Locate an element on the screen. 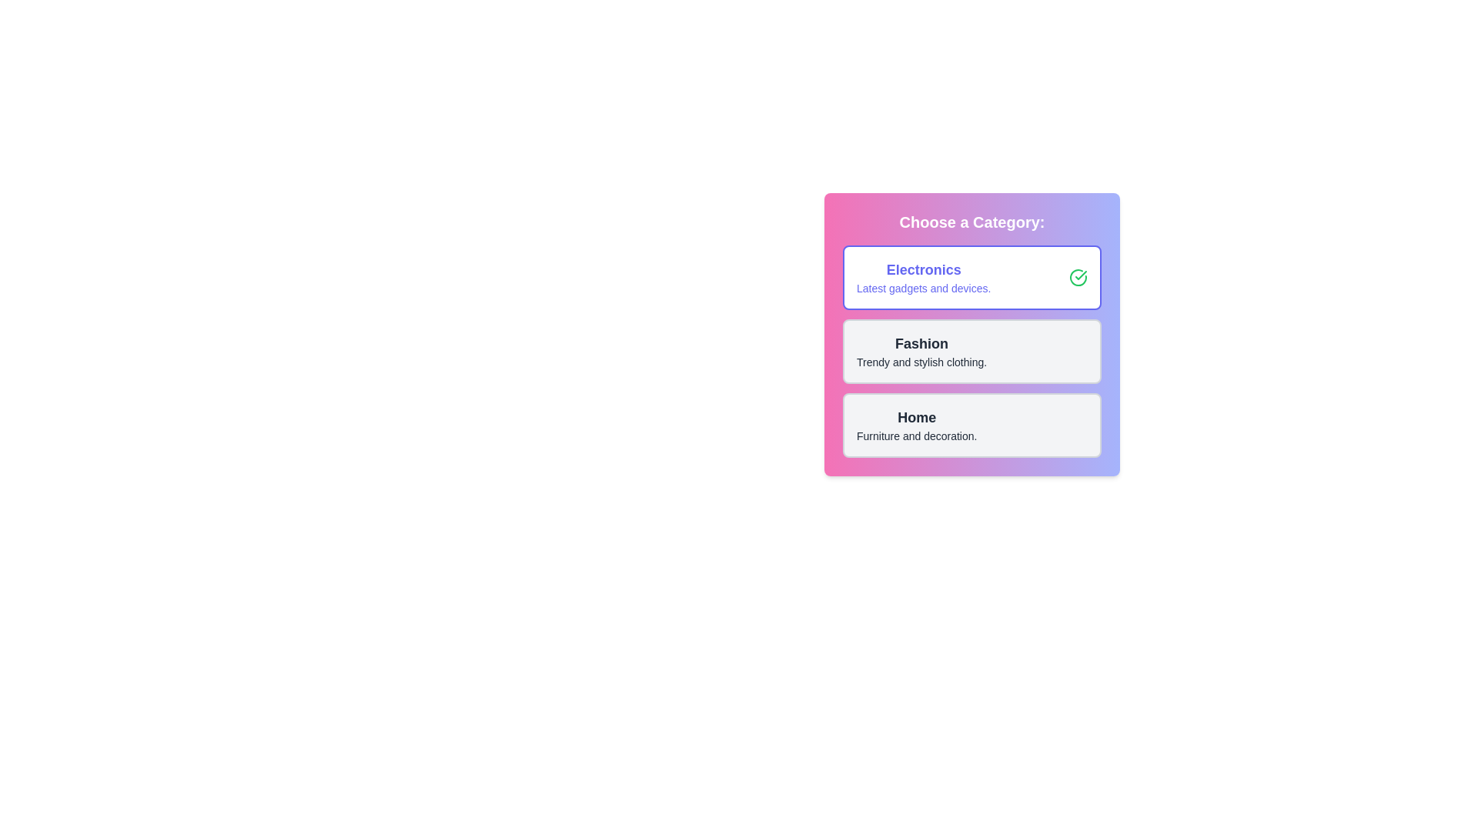 The width and height of the screenshot is (1478, 831). the Content Box labeled 'Home', which has a bolded title and smaller description is located at coordinates (971, 425).